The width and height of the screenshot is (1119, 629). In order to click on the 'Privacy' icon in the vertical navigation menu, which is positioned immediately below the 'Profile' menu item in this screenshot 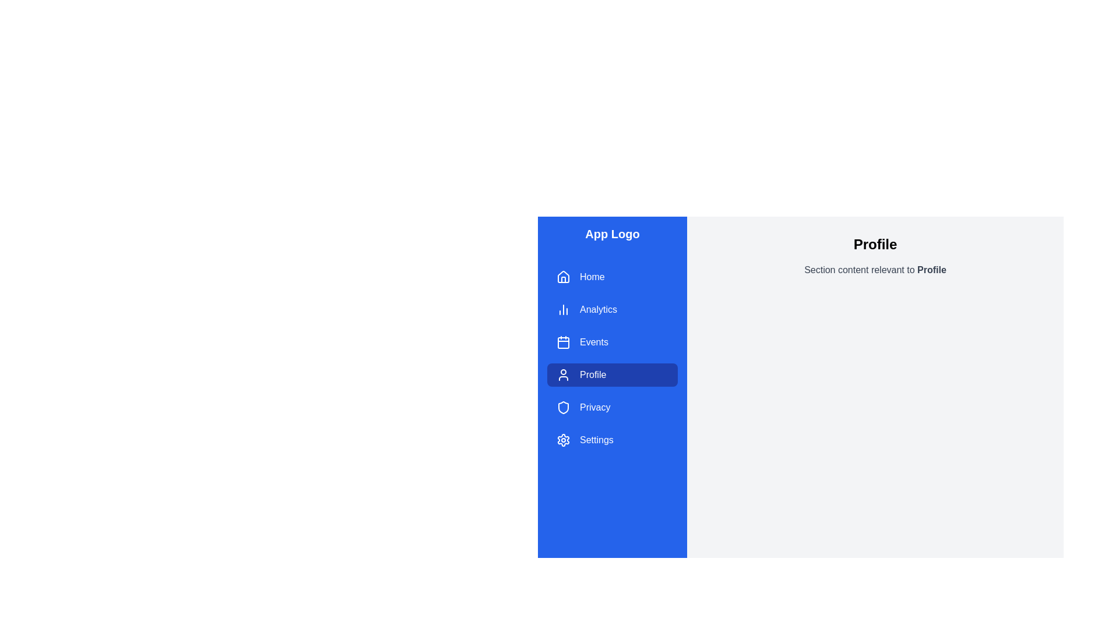, I will do `click(563, 407)`.